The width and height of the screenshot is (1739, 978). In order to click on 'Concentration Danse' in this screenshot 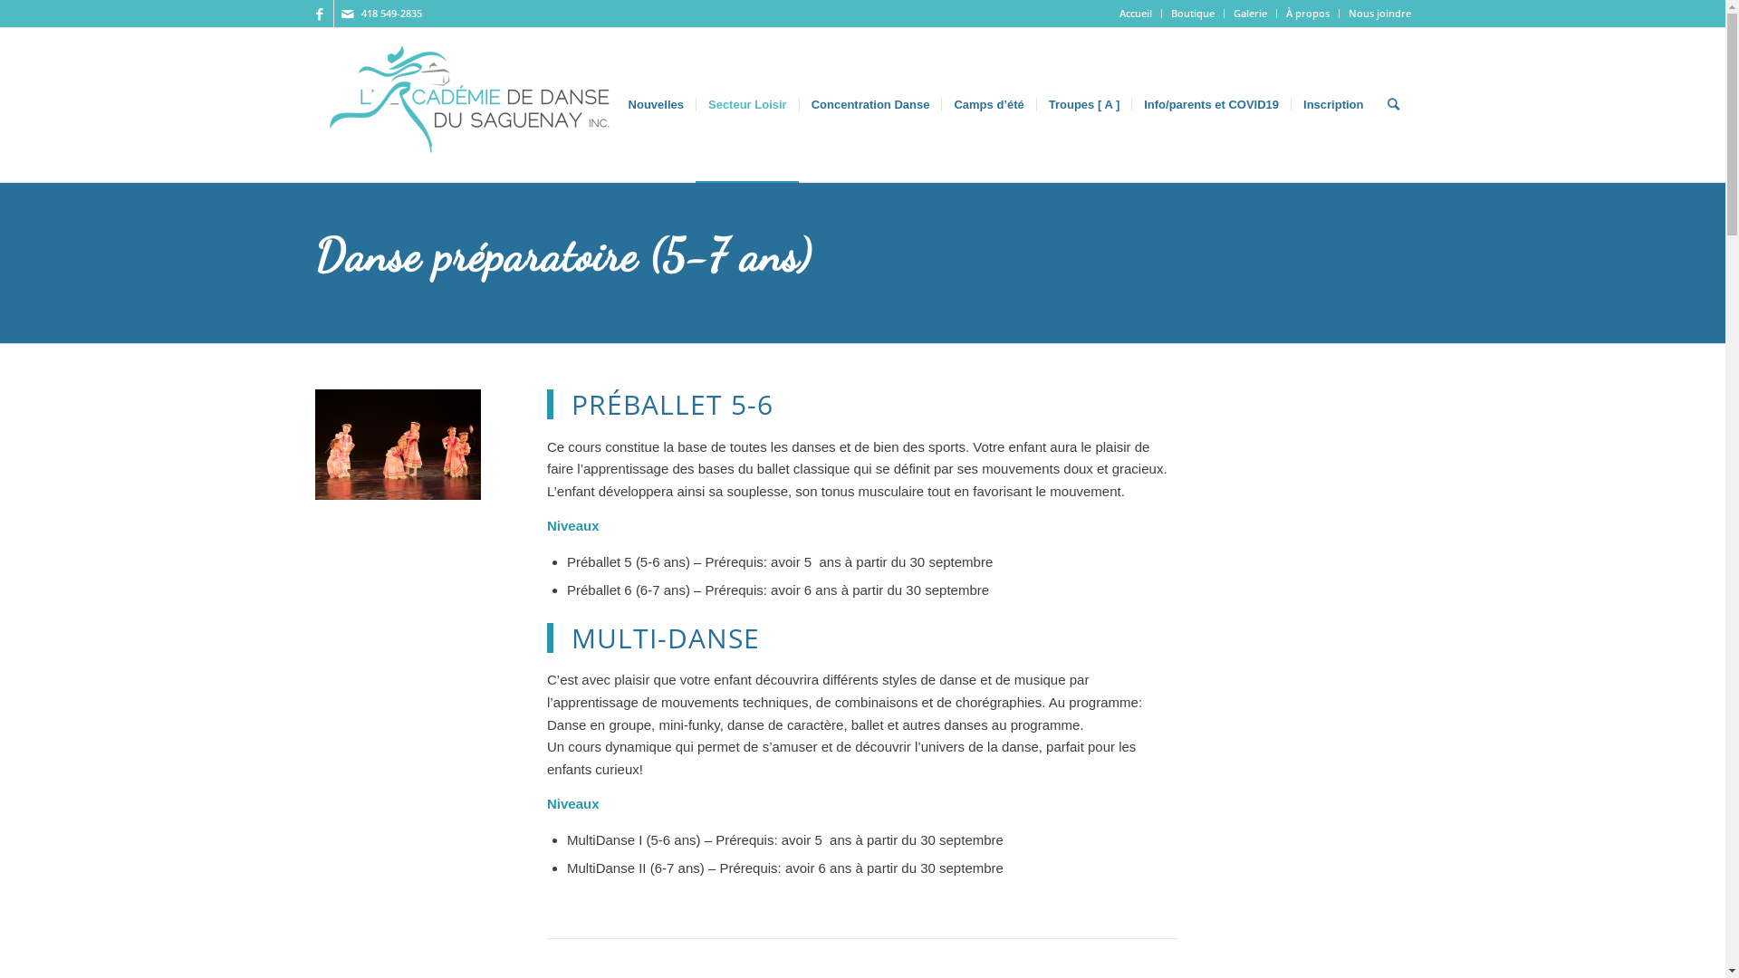, I will do `click(869, 104)`.